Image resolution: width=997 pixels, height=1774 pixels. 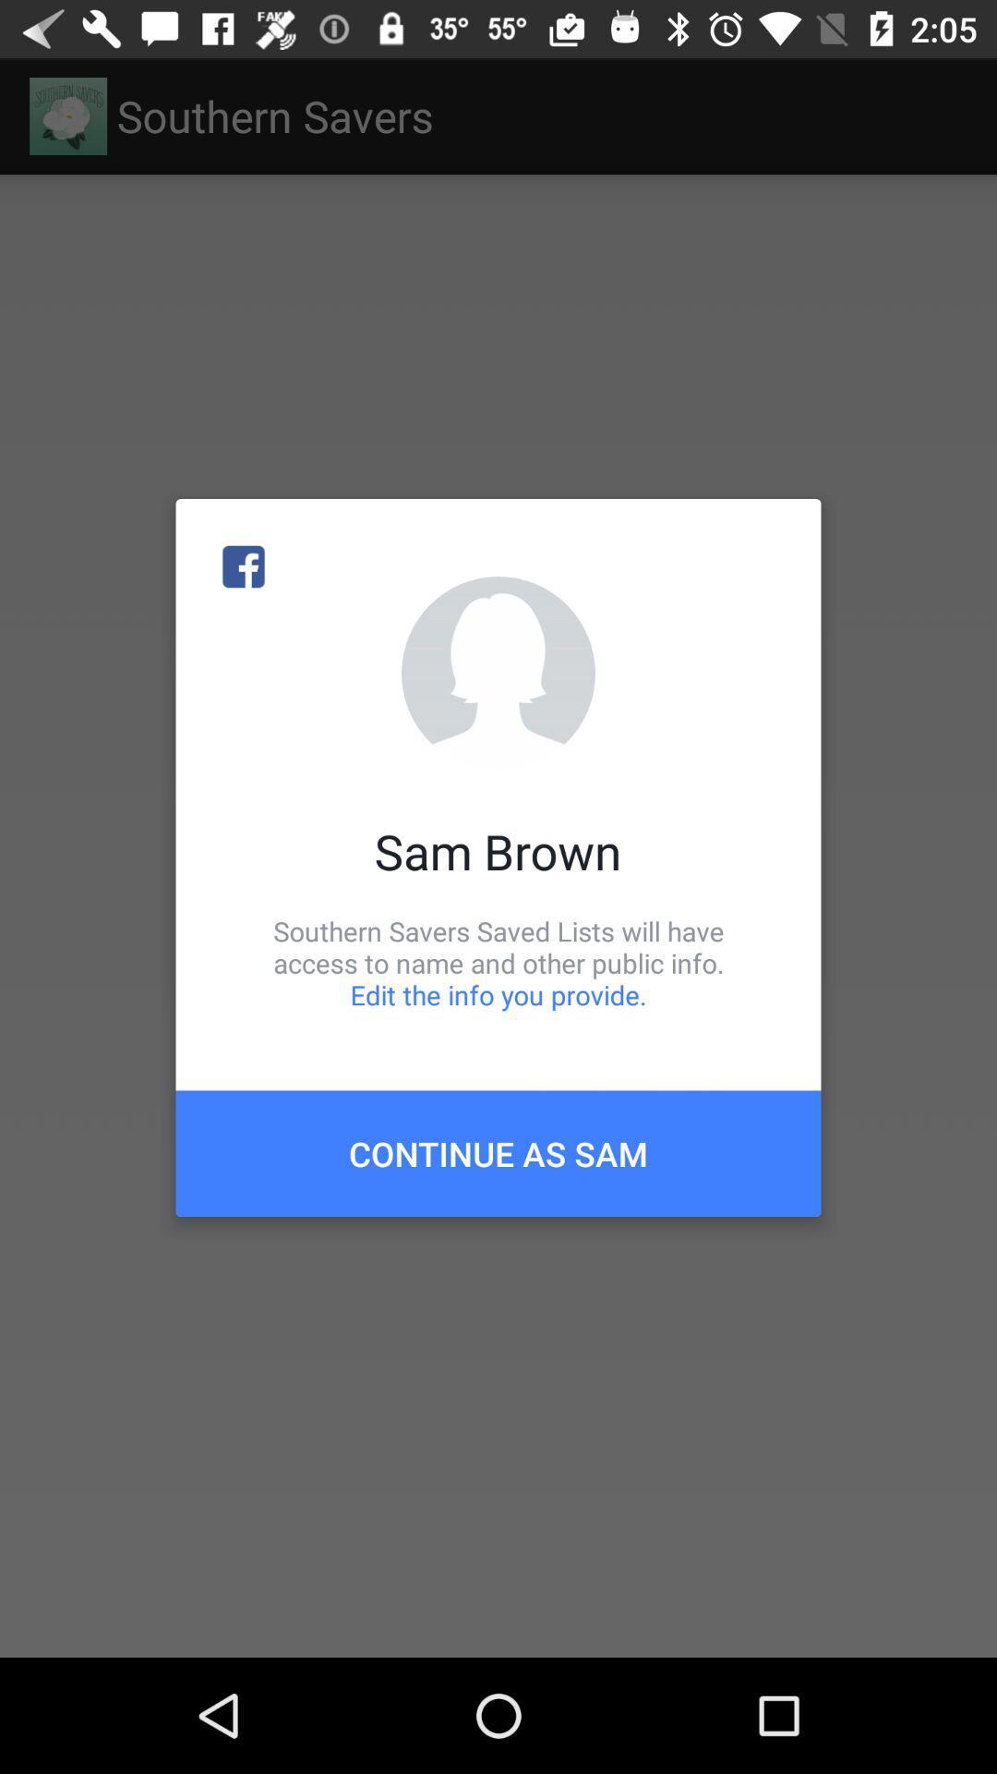 I want to click on item above continue as sam, so click(x=498, y=962).